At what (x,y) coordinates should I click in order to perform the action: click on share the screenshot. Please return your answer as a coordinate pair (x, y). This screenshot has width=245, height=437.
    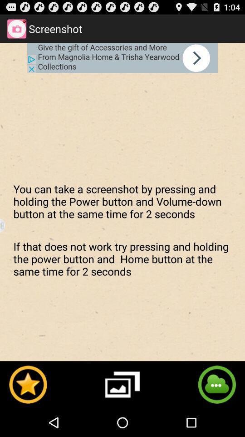
    Looking at the image, I should click on (216, 384).